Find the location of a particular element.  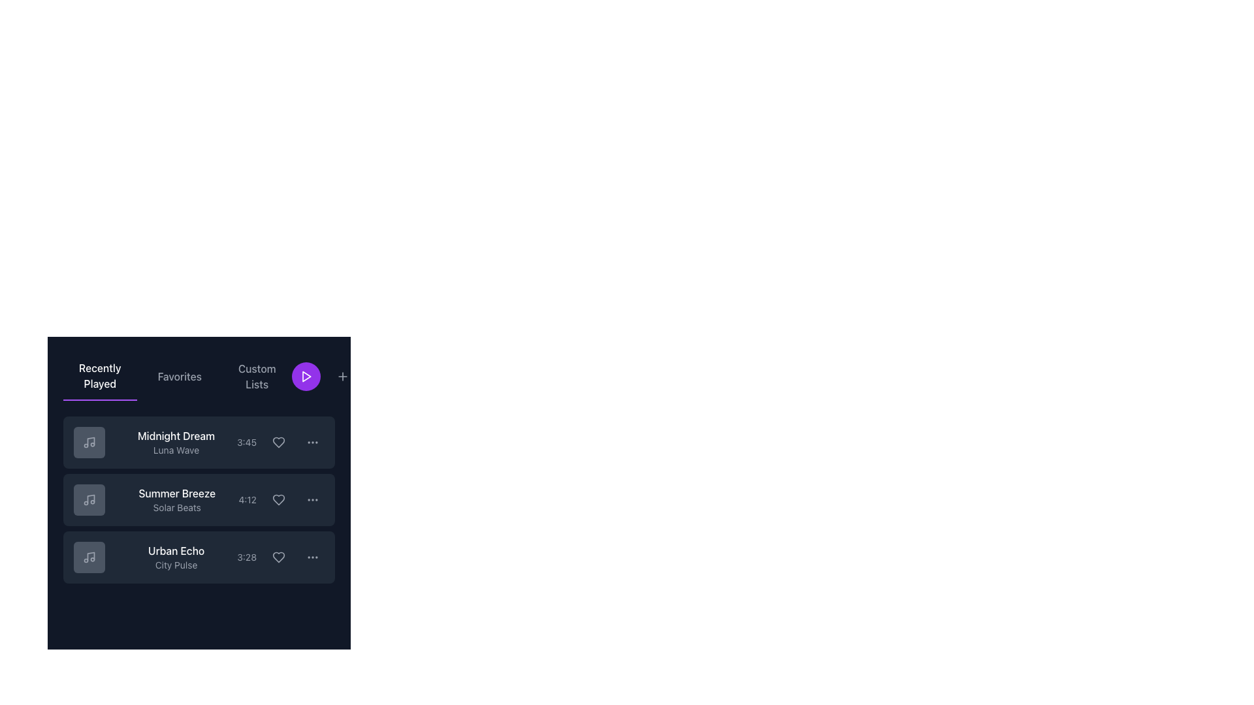

the small heart-shaped icon button, which is outlined in gray and turns pink on hover, located to the right of the song duration text is located at coordinates (278, 557).